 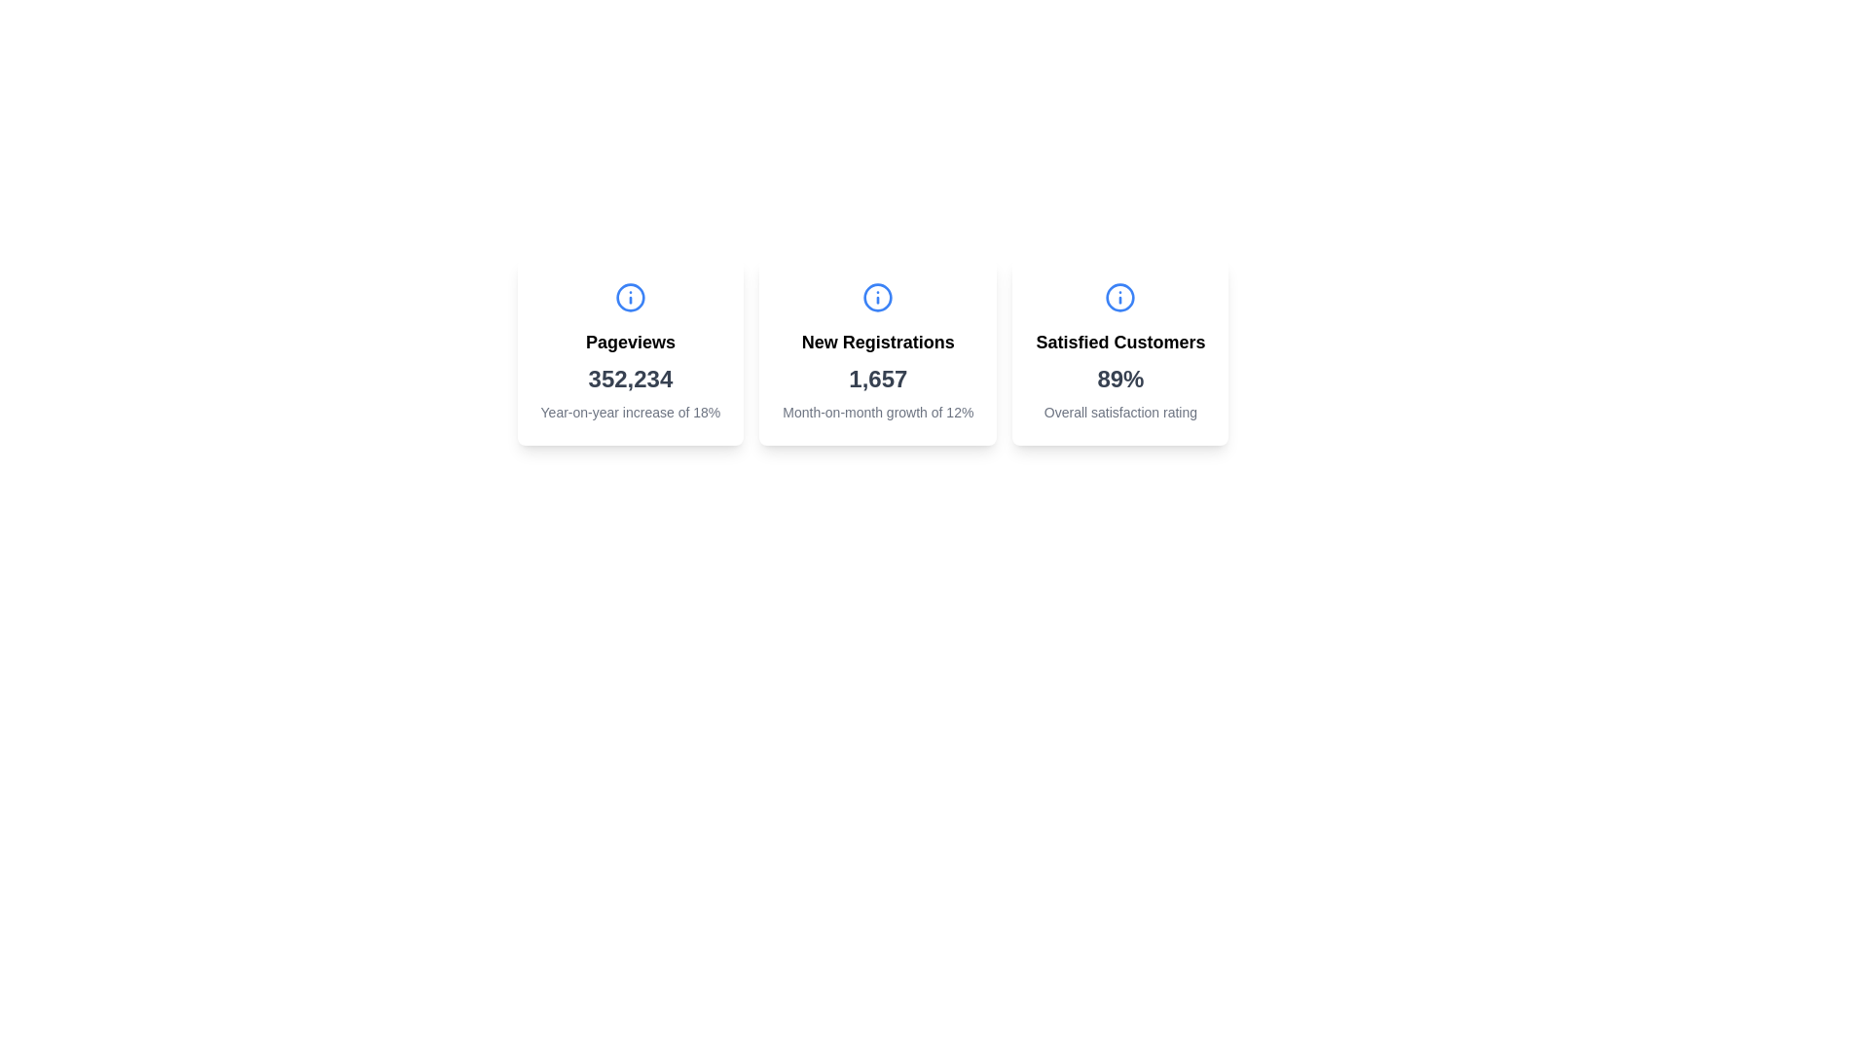 I want to click on the text element displaying the numerical value for new registrations, located in the center of the card titled 'New Registrations', so click(x=877, y=379).